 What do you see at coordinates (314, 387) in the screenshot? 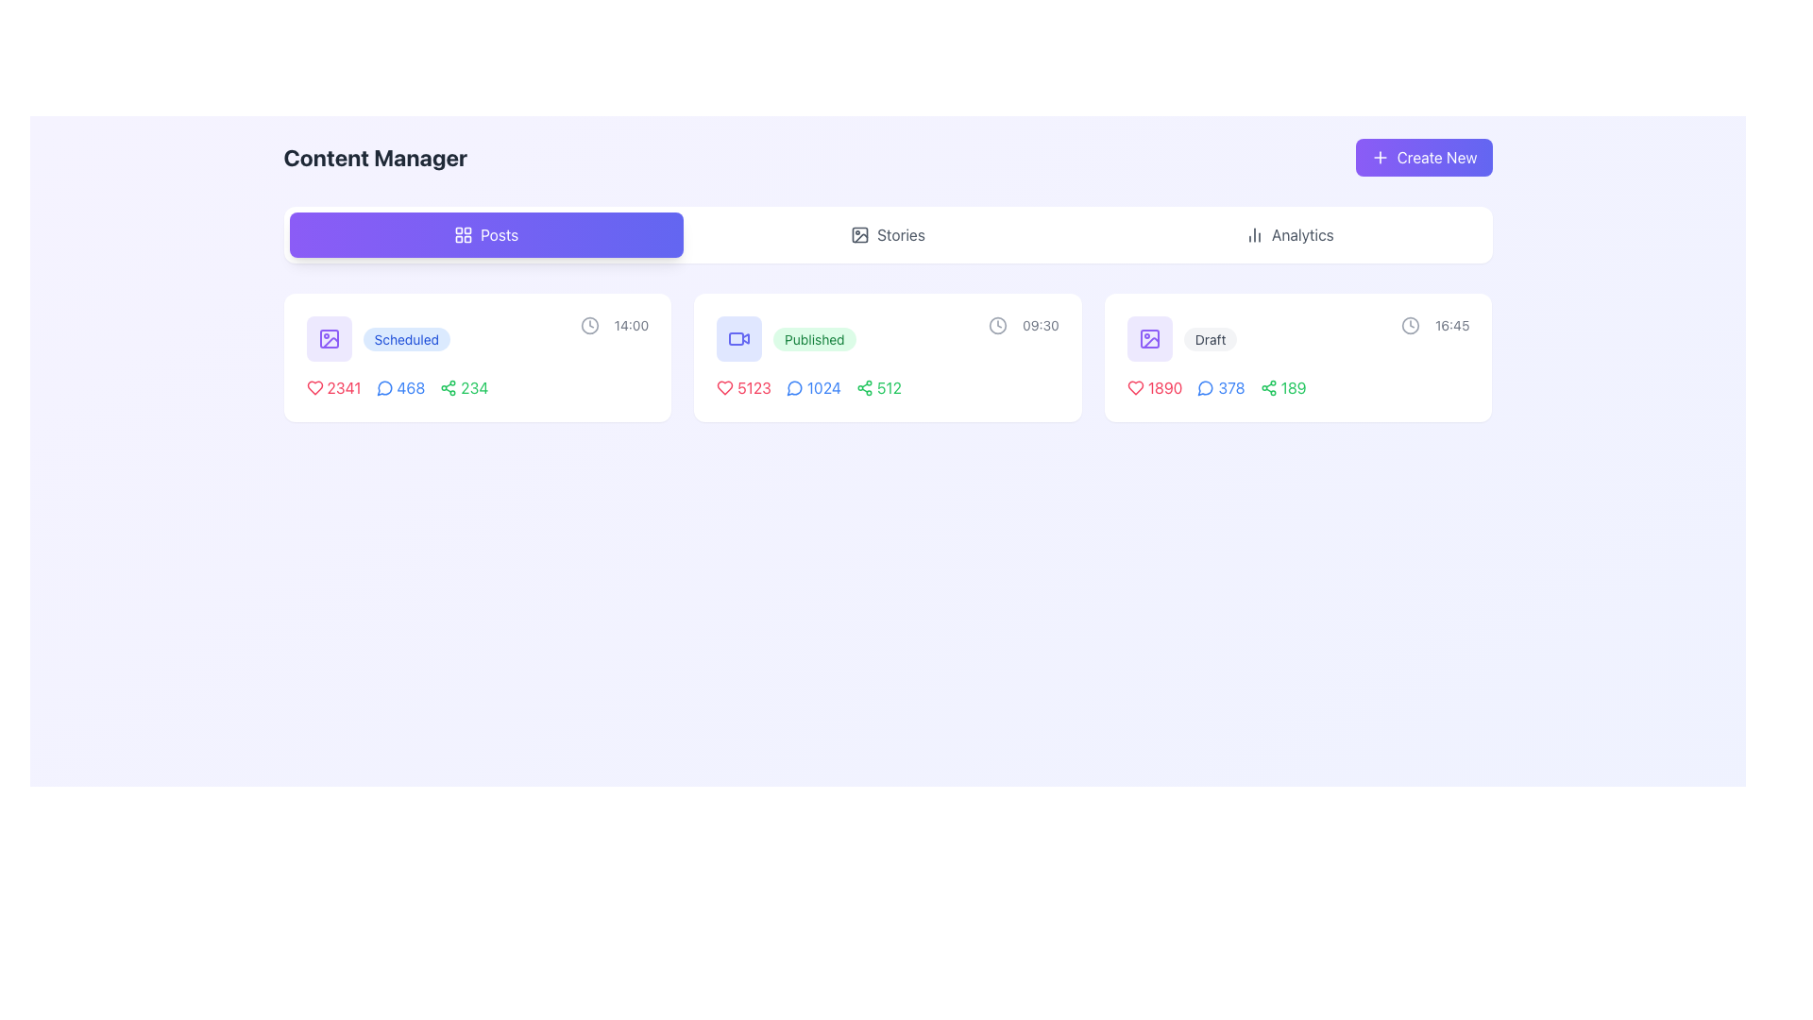
I see `the heart-shaped outline icon used for likes or favorites located at the bottom-left corner of the scheduled content card` at bounding box center [314, 387].